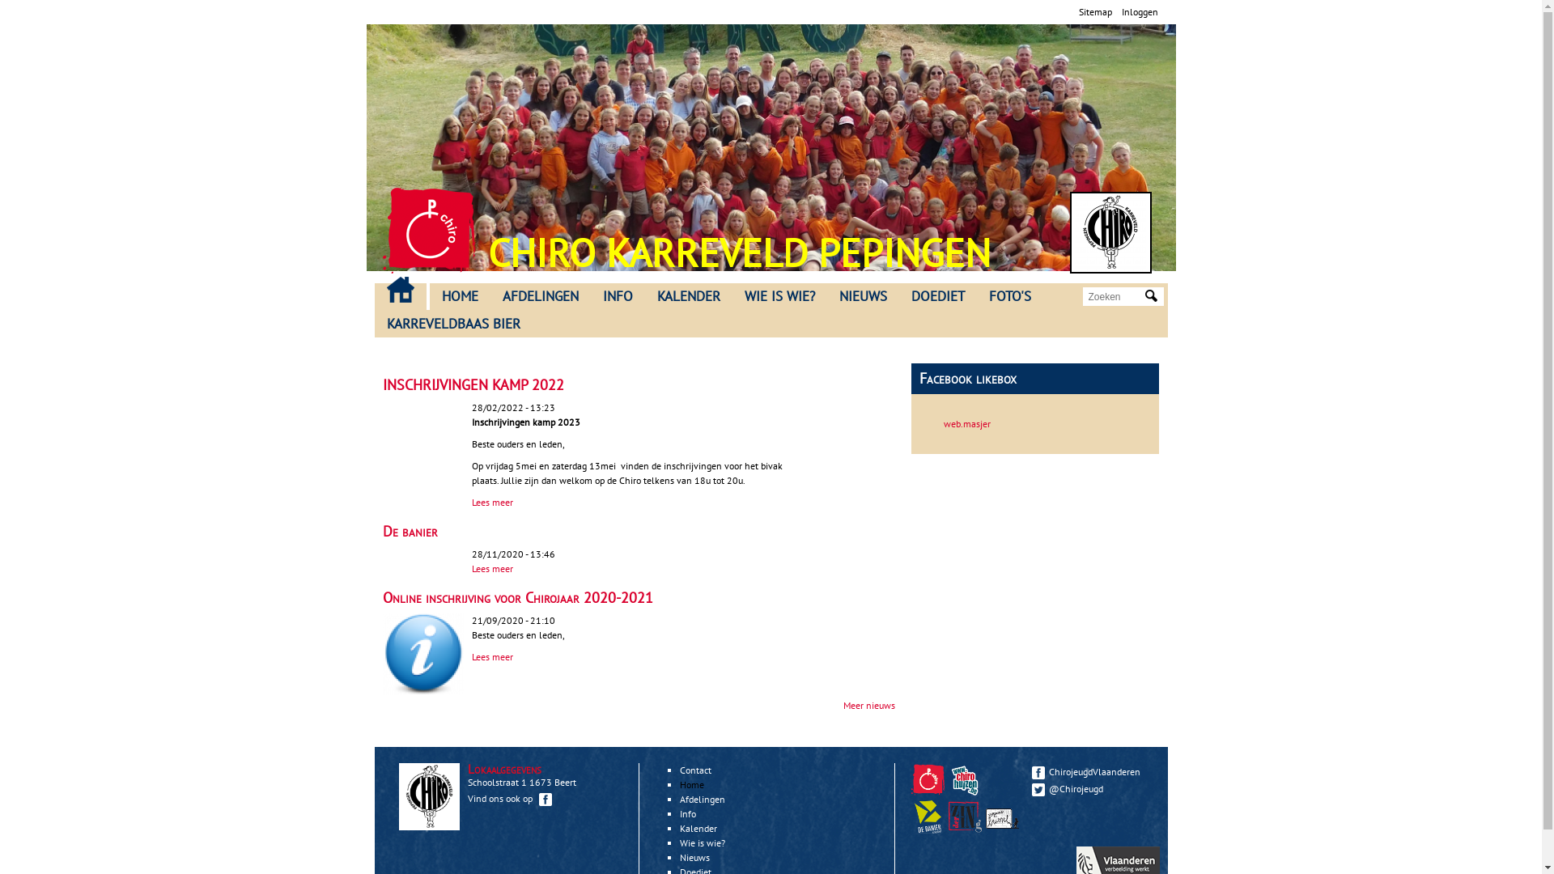 This screenshot has height=874, width=1554. I want to click on 'web.masjer', so click(944, 422).